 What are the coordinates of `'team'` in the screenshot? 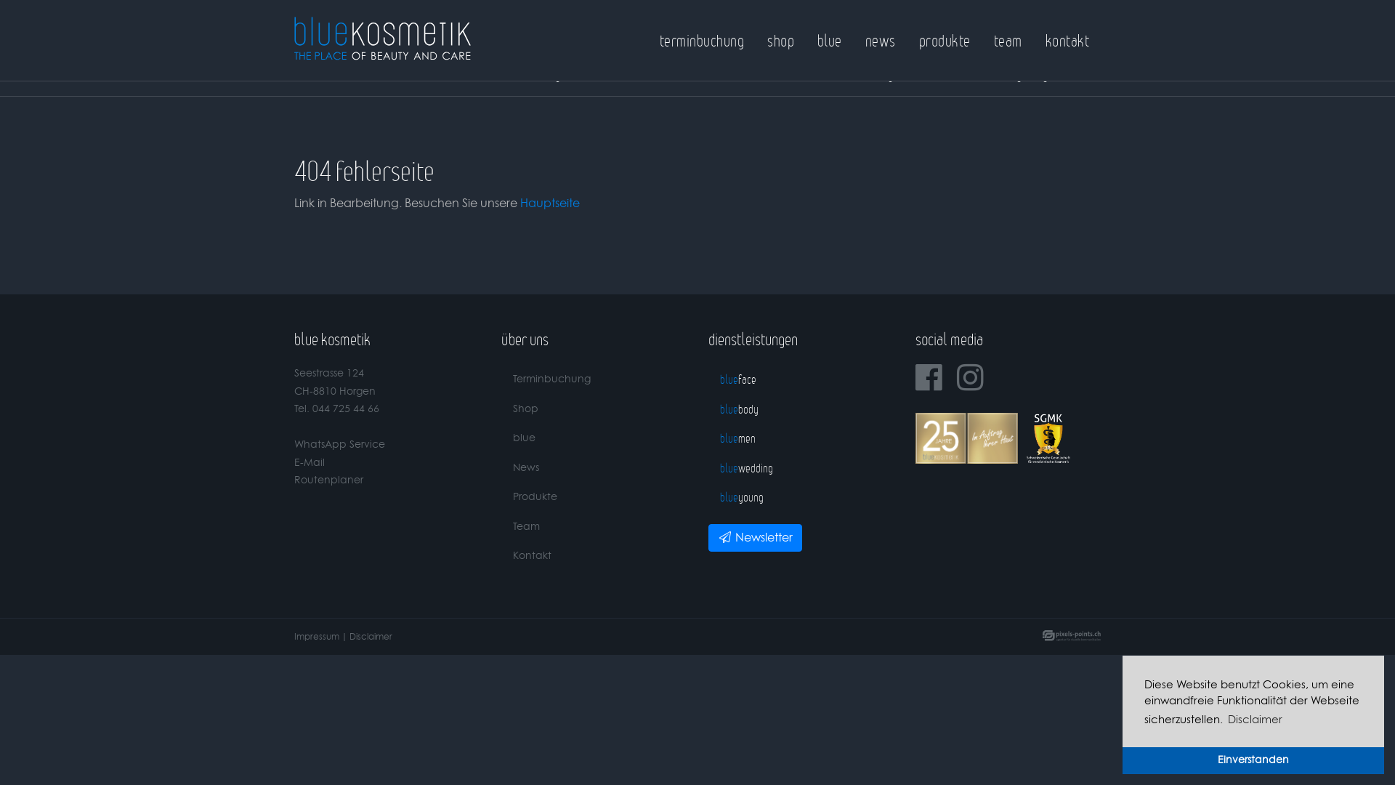 It's located at (1007, 40).